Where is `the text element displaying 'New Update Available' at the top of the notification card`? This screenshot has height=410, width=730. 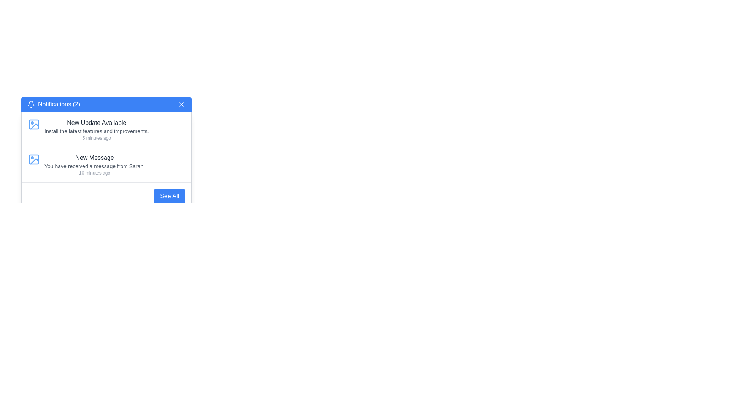
the text element displaying 'New Update Available' at the top of the notification card is located at coordinates (96, 123).